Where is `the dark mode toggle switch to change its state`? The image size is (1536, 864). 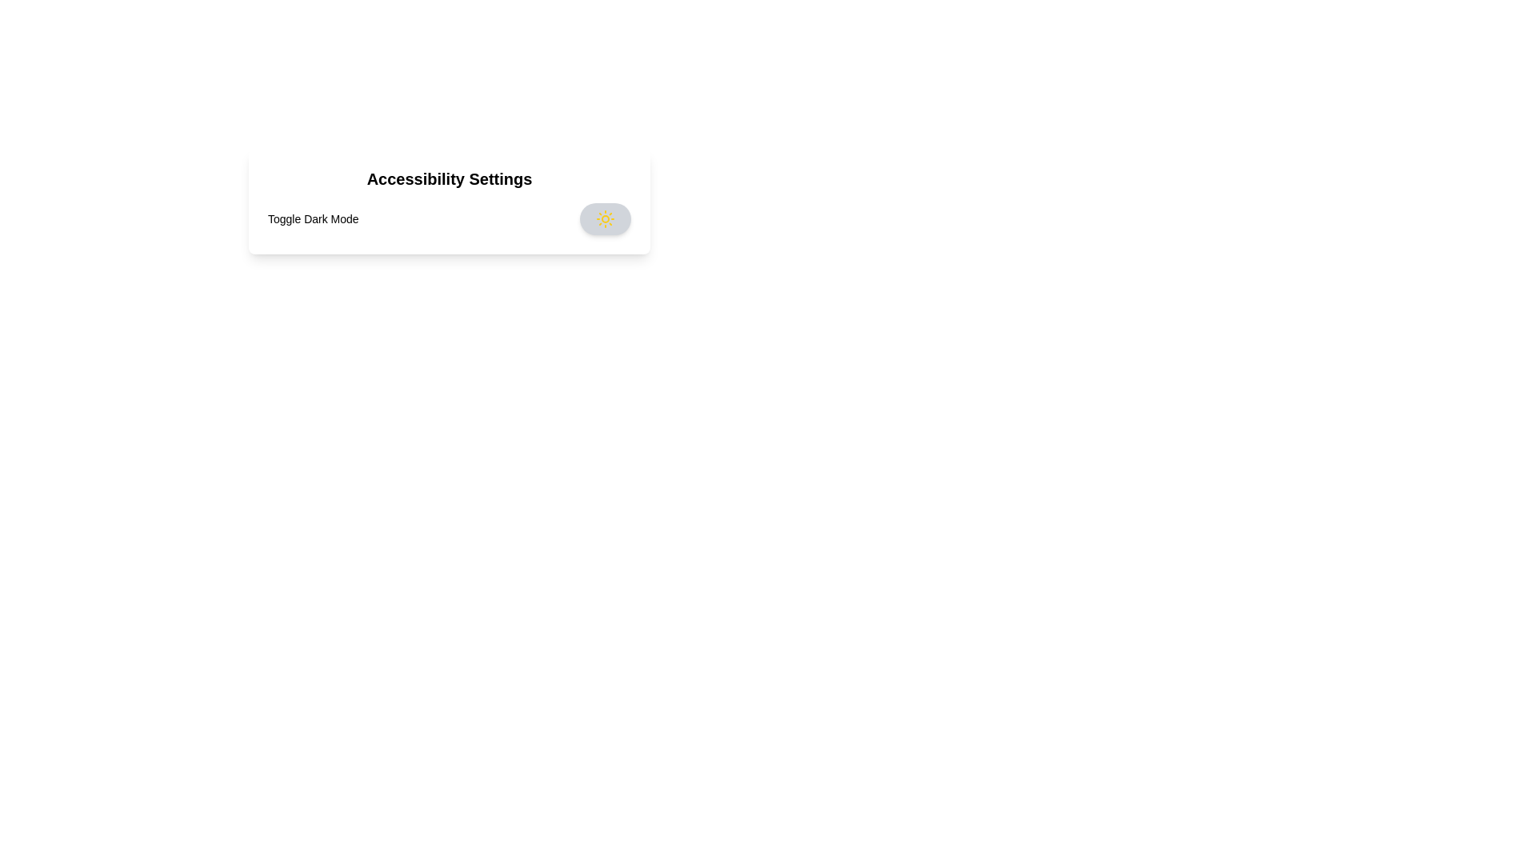
the dark mode toggle switch to change its state is located at coordinates (605, 218).